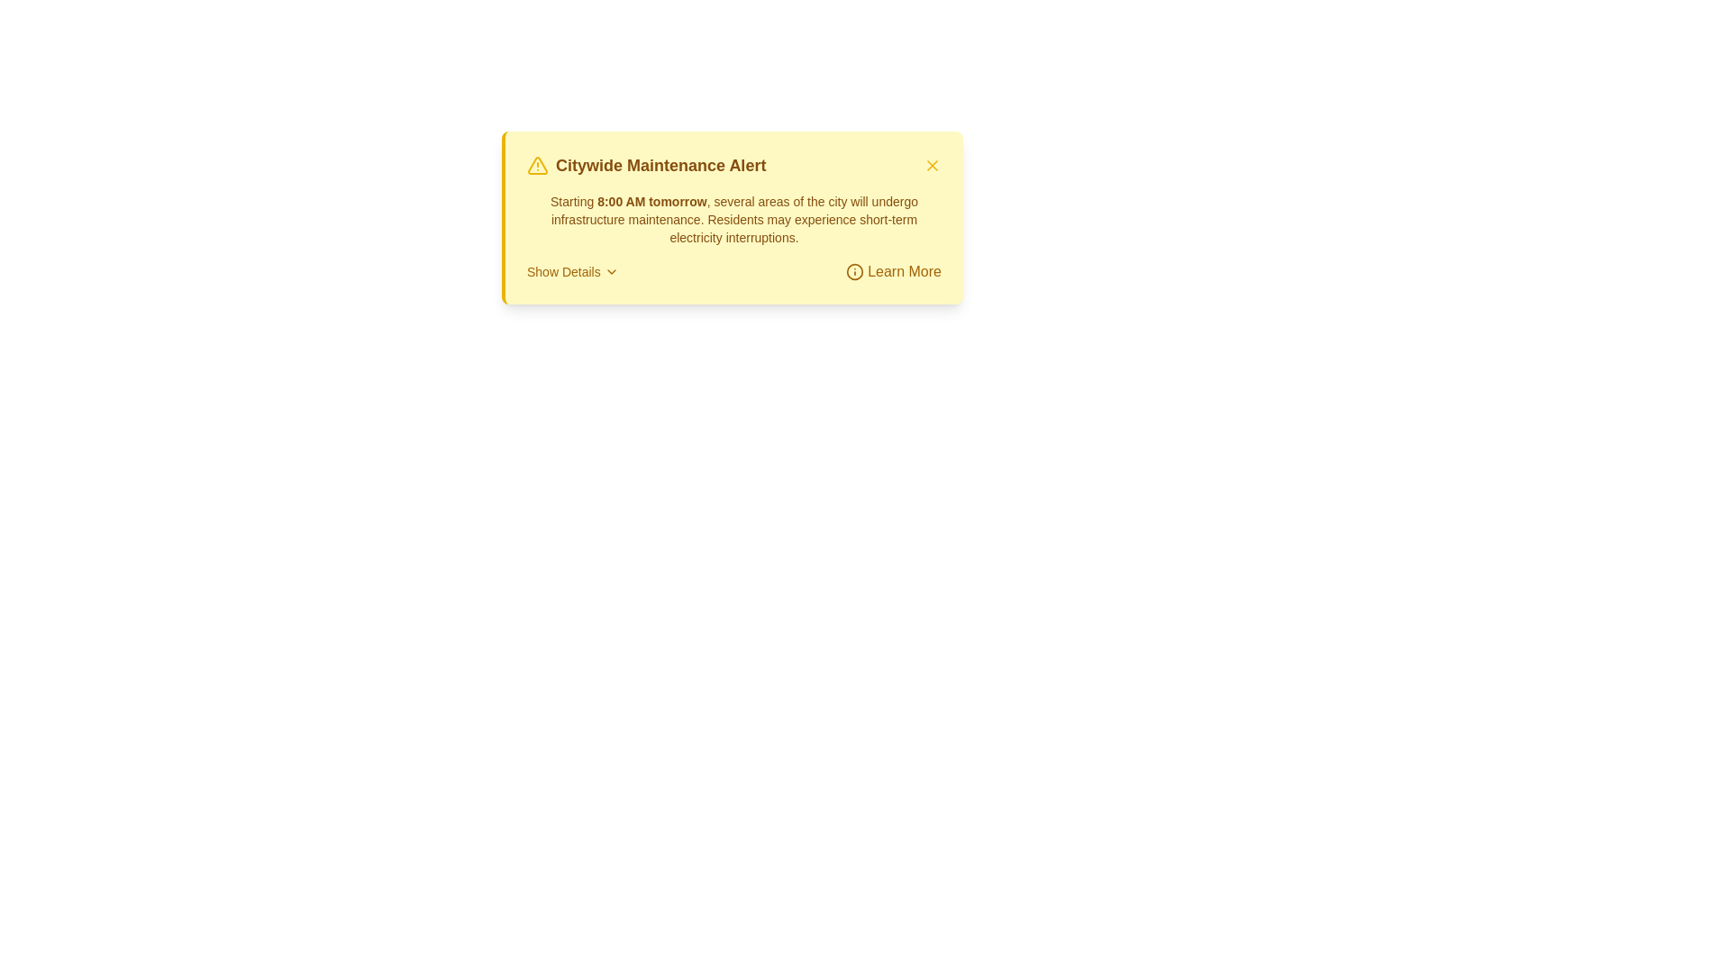 The image size is (1730, 973). I want to click on the 'Show Details' button, which is a clickable text labeled 'Show Details' in small yellow font, located at the bottom left of a yellow notification box, so click(571, 271).